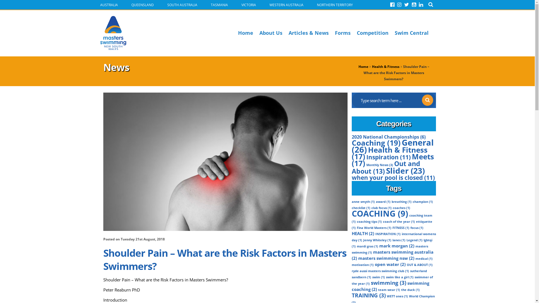 This screenshot has height=303, width=539. Describe the element at coordinates (392, 280) in the screenshot. I see `'swimmer of the year (1)'` at that location.